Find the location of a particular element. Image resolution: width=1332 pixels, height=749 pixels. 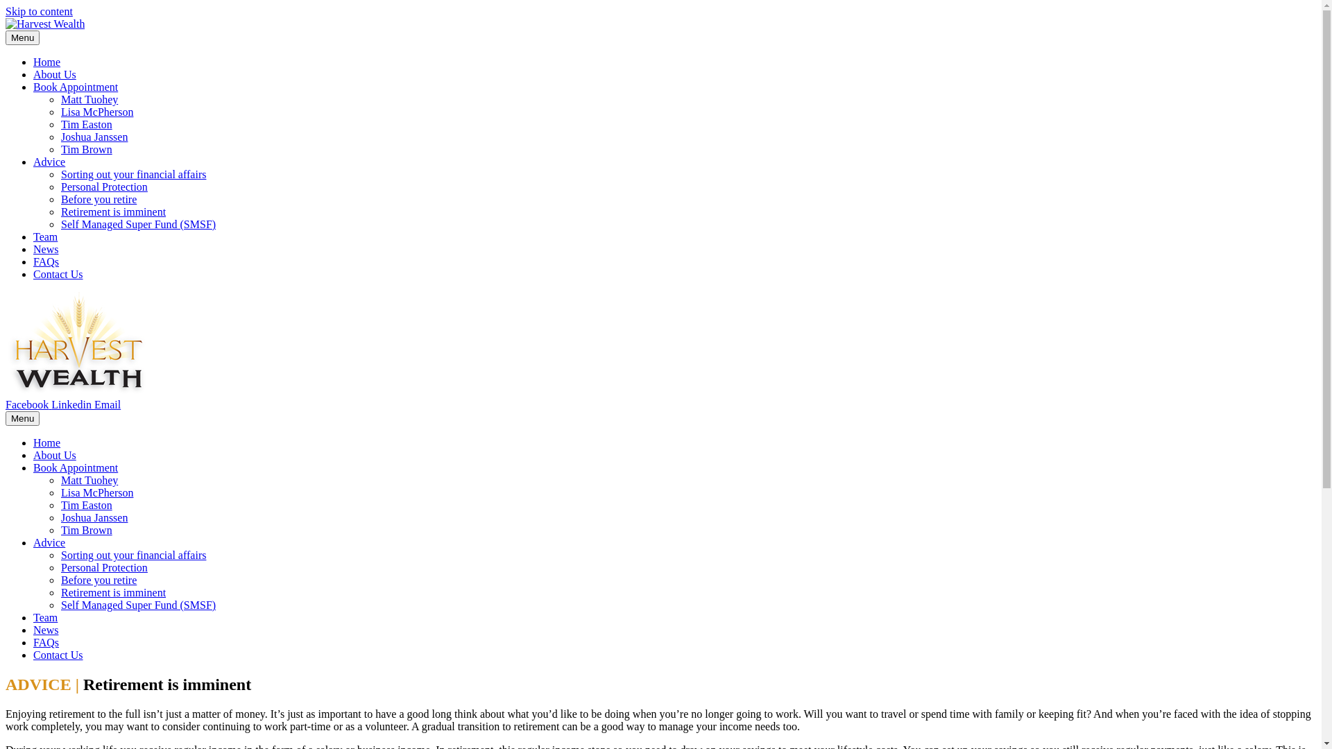

'Before you retire' is located at coordinates (98, 199).